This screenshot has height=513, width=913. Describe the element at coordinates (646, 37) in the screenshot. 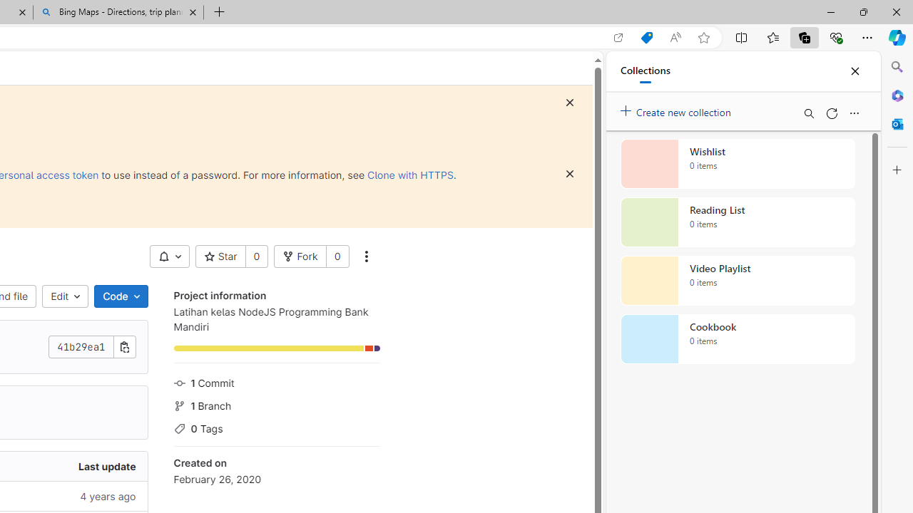

I see `'Shopping in Microsoft Edge'` at that location.